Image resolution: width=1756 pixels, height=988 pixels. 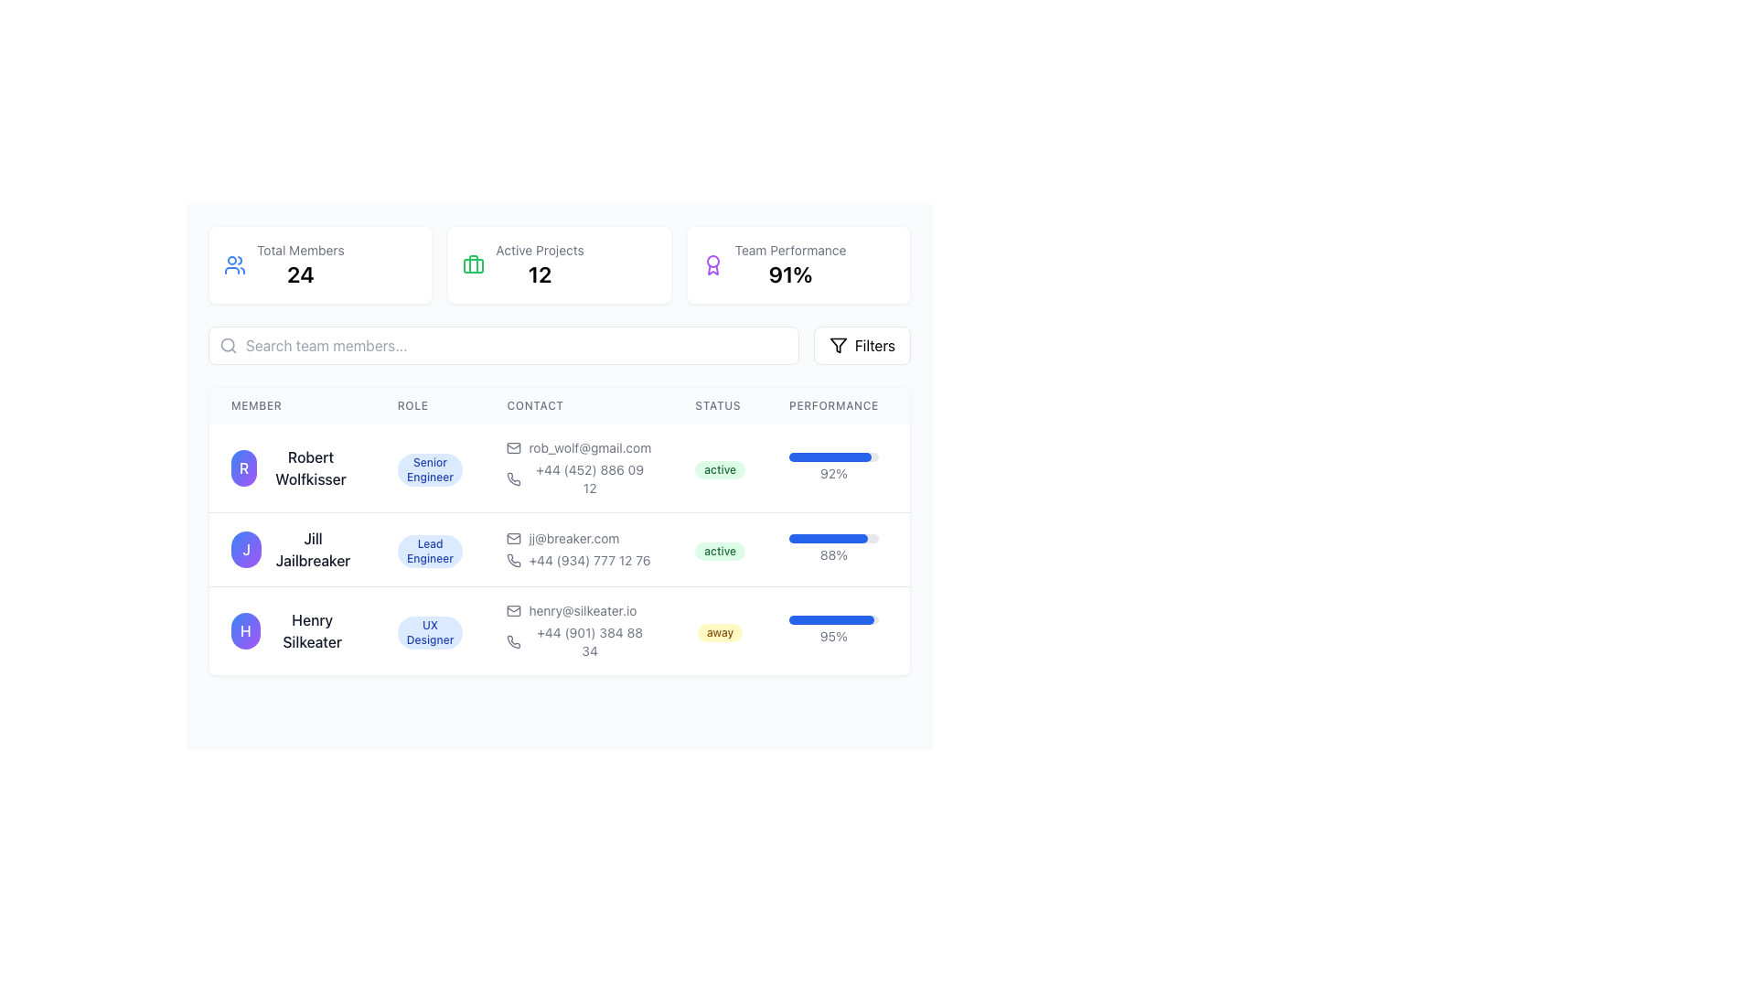 I want to click on the phone icon in the Contact detail display block to initiate a call if linked, located in the third row of the 'Contact' column, aligned with the user name 'Henry Silkeater', so click(x=578, y=629).